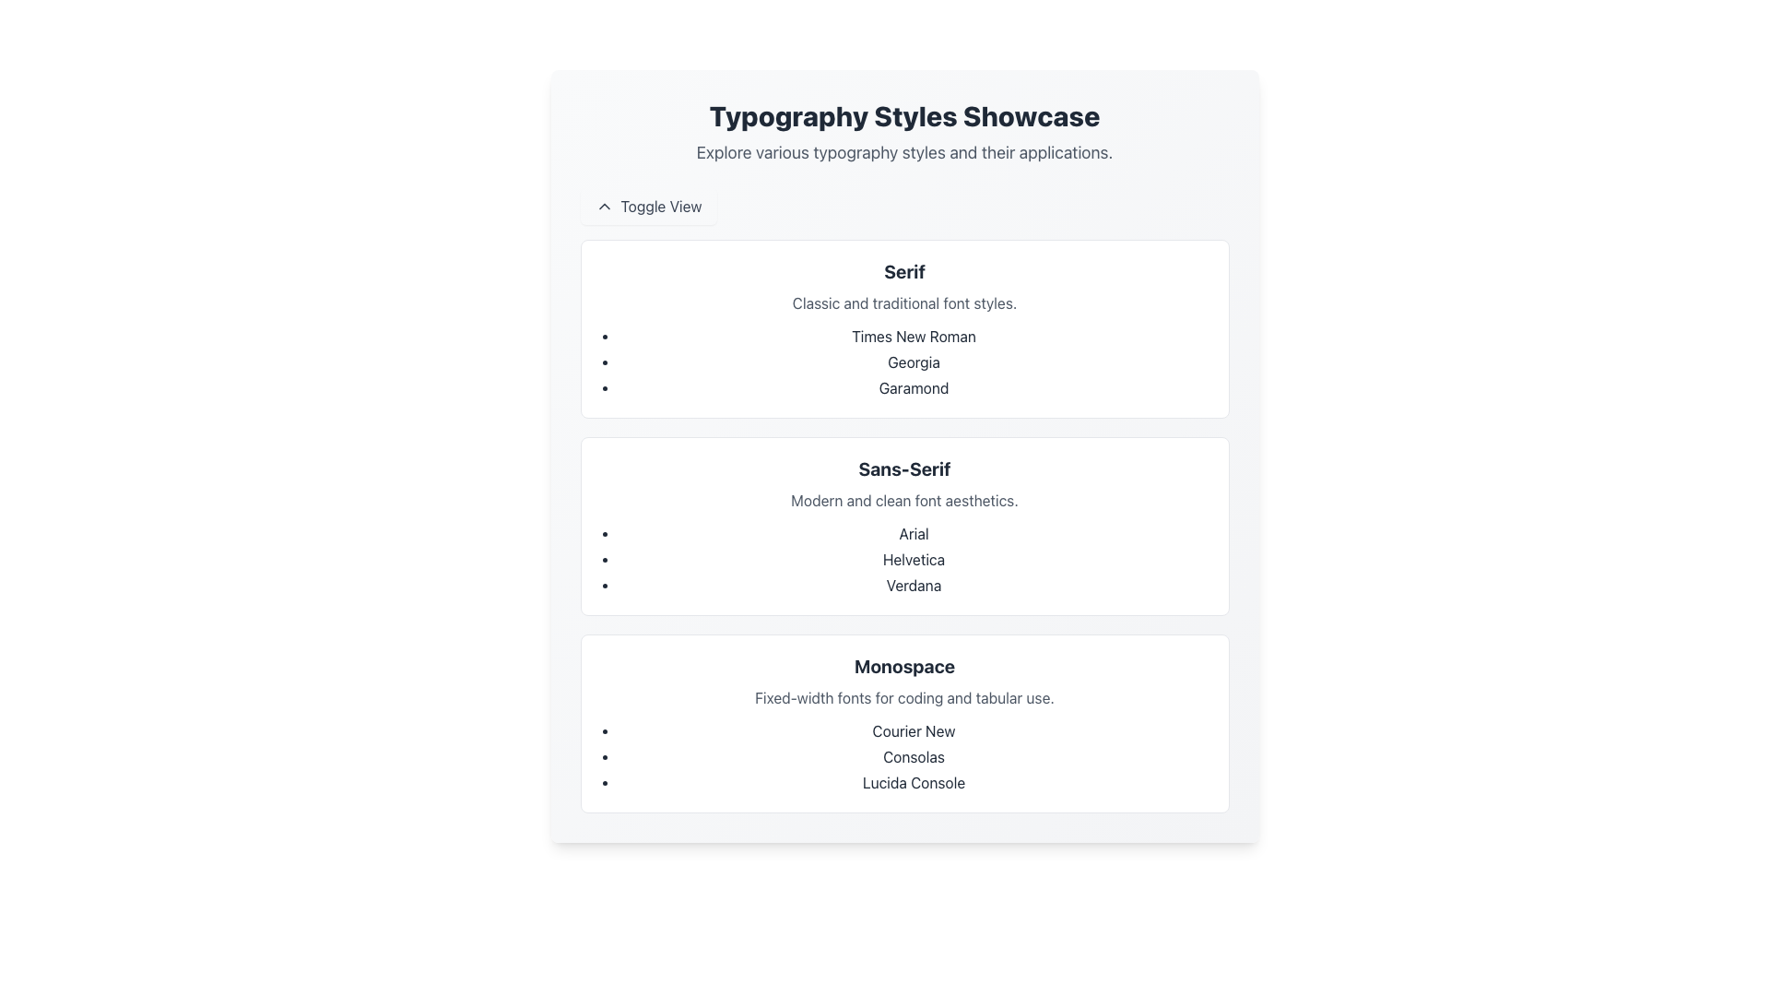 Image resolution: width=1770 pixels, height=996 pixels. I want to click on the static list item text displaying 'Verdana', which is the third item under the 'Sans-Serif' header in the typography section, so click(914, 586).